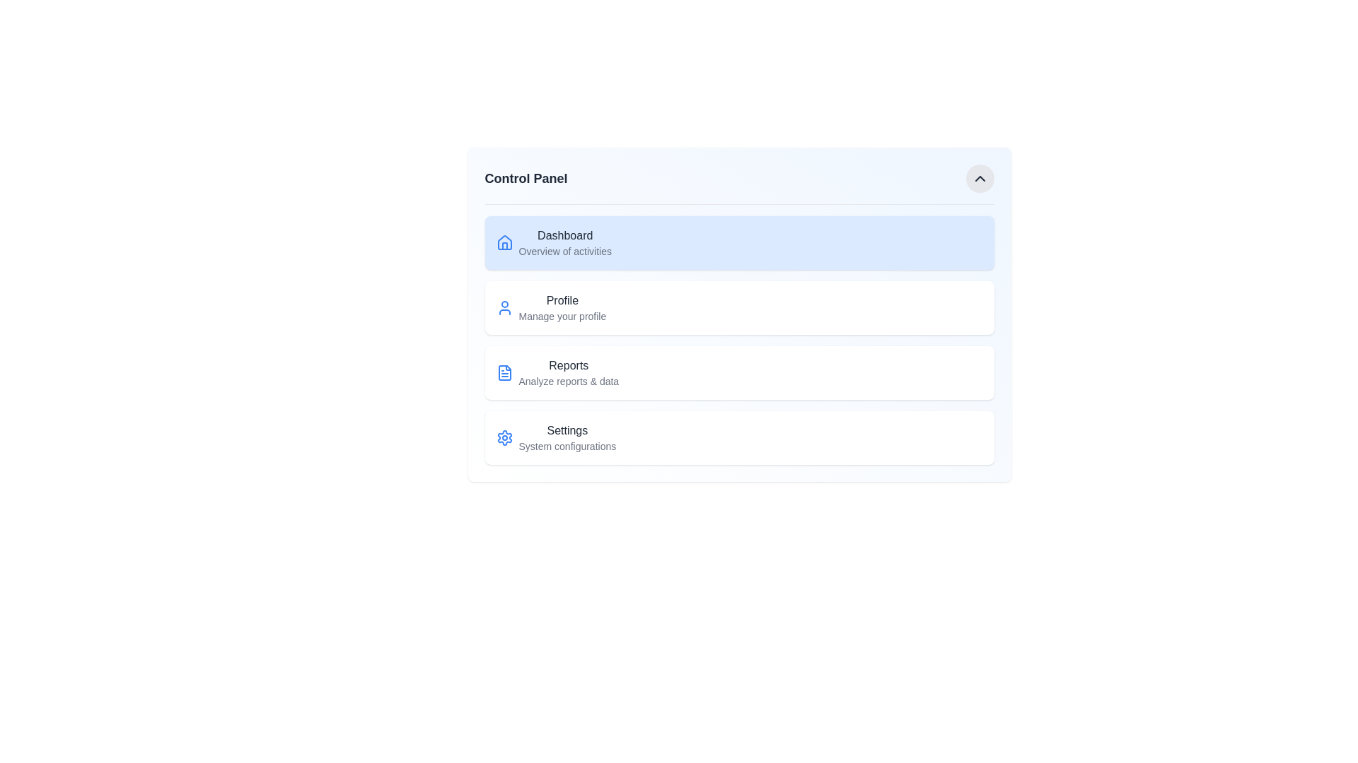  Describe the element at coordinates (562, 307) in the screenshot. I see `the 'Profile' menu item, which has a bold title and a subtitle` at that location.